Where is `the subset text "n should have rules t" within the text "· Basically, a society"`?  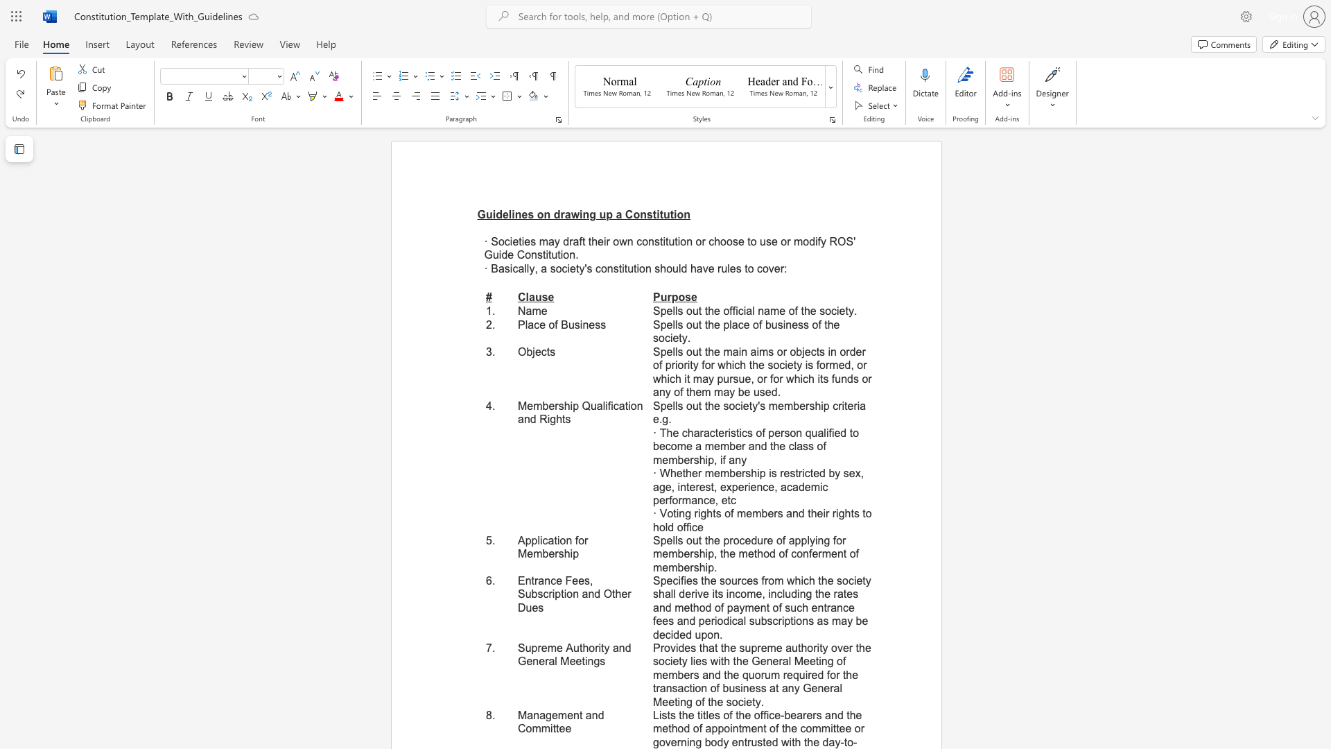
the subset text "n should have rules t" within the text "· Basically, a society" is located at coordinates (645, 268).